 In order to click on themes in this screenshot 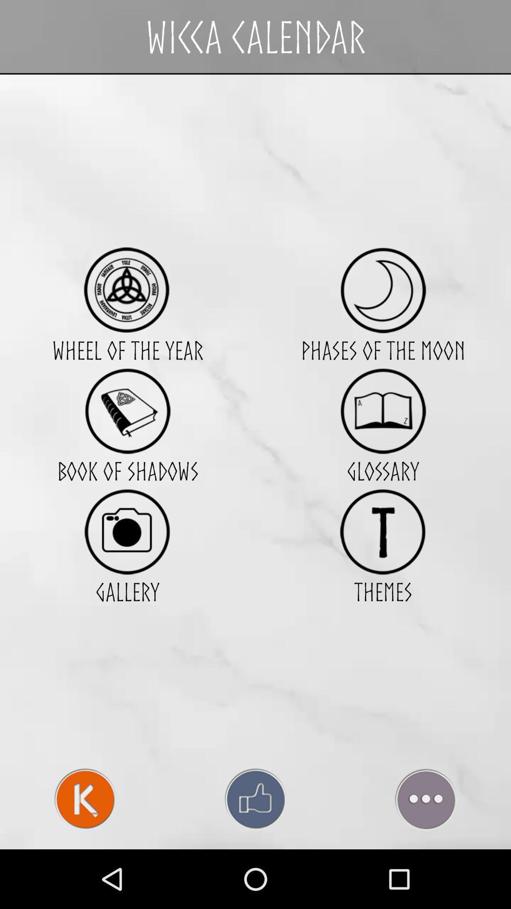, I will do `click(382, 532)`.